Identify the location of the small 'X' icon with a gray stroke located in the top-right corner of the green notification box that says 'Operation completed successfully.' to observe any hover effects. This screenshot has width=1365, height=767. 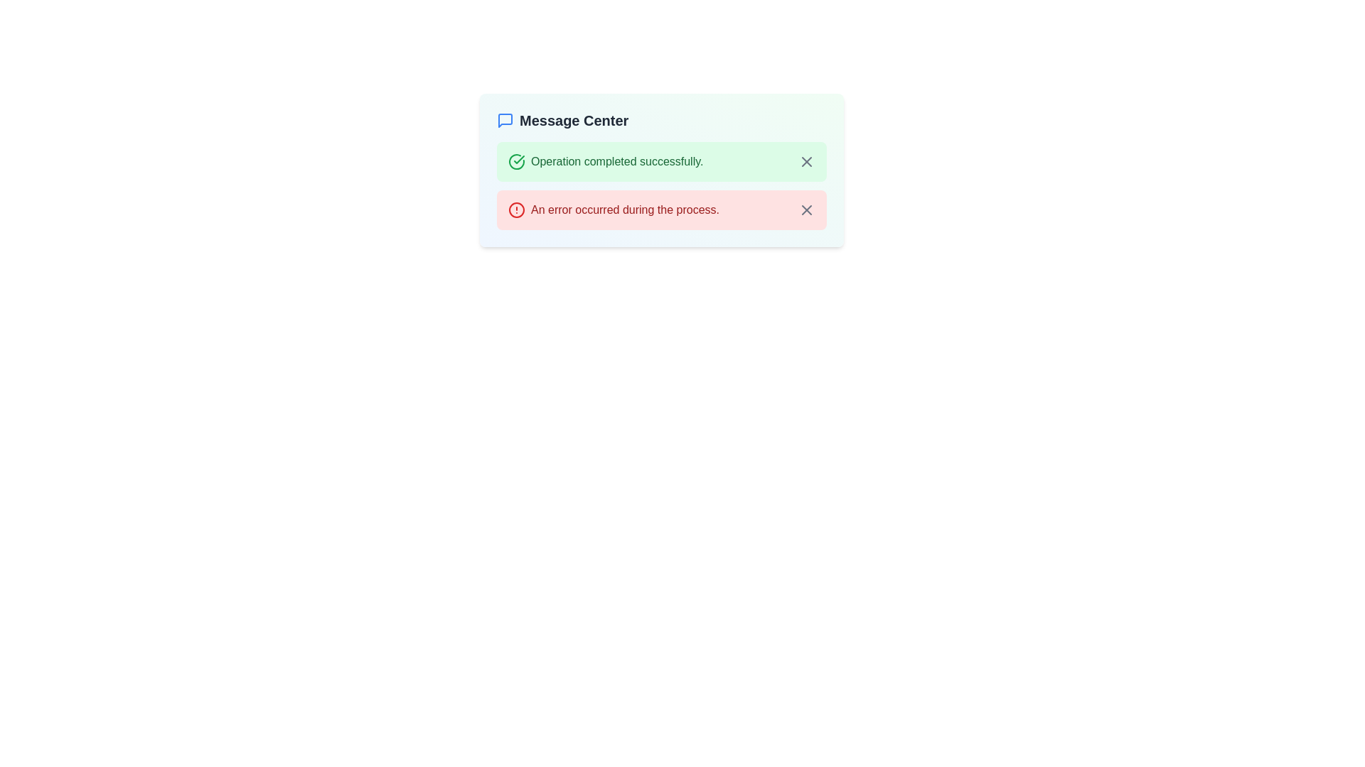
(806, 161).